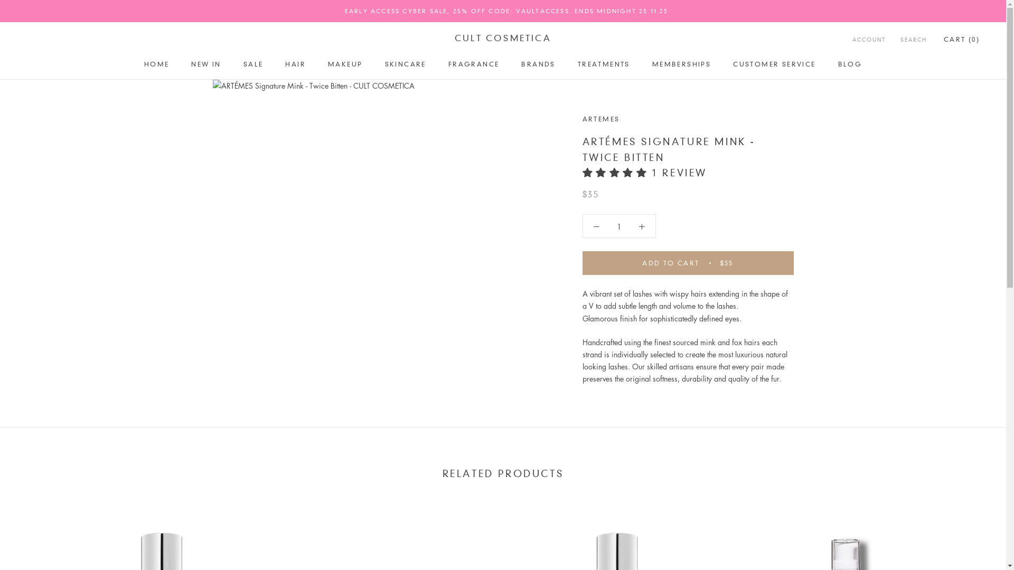 The width and height of the screenshot is (1014, 570). Describe the element at coordinates (774, 64) in the screenshot. I see `'CUSTOMER SERVICE'` at that location.